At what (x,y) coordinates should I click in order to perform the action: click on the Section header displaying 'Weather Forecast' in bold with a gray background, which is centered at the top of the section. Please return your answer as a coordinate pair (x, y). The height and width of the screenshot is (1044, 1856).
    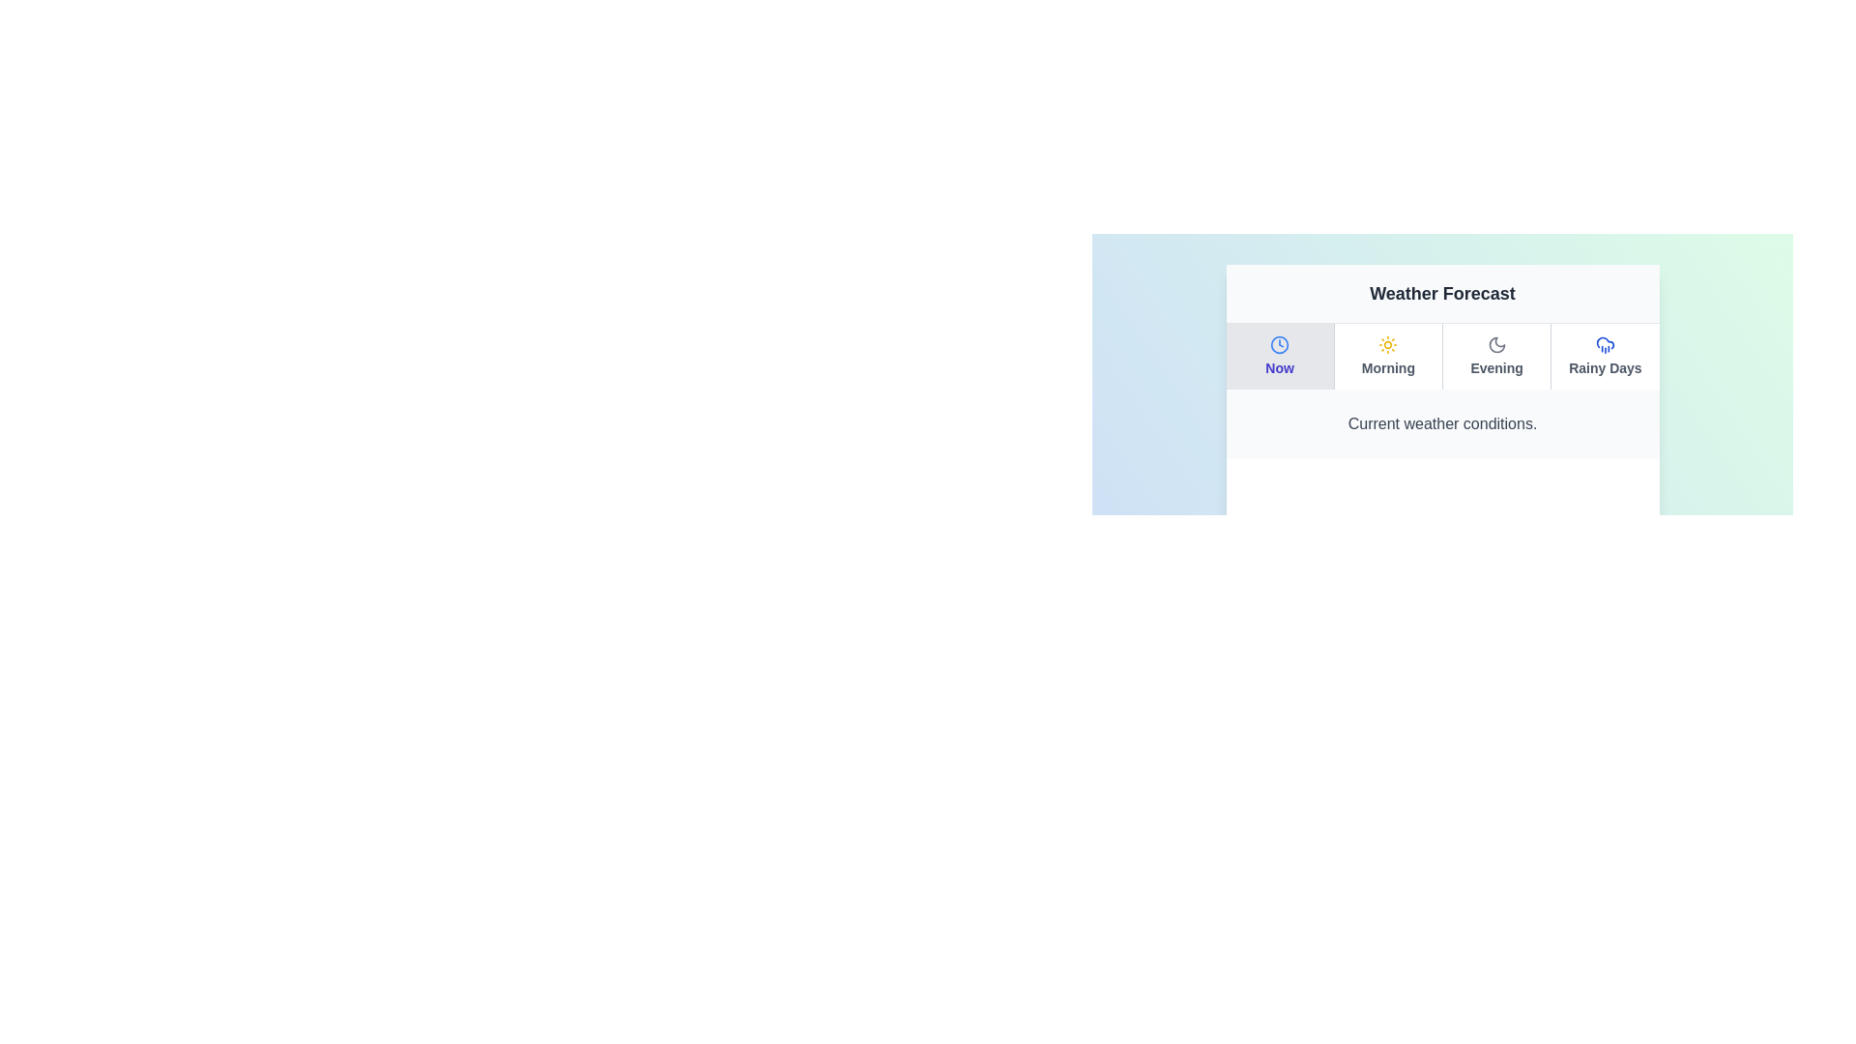
    Looking at the image, I should click on (1442, 294).